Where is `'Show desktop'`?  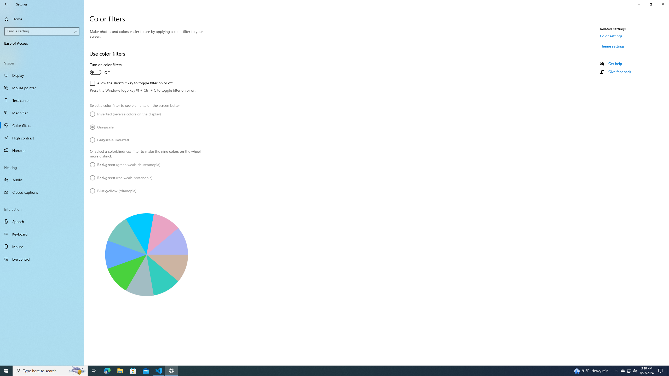 'Show desktop' is located at coordinates (668, 370).